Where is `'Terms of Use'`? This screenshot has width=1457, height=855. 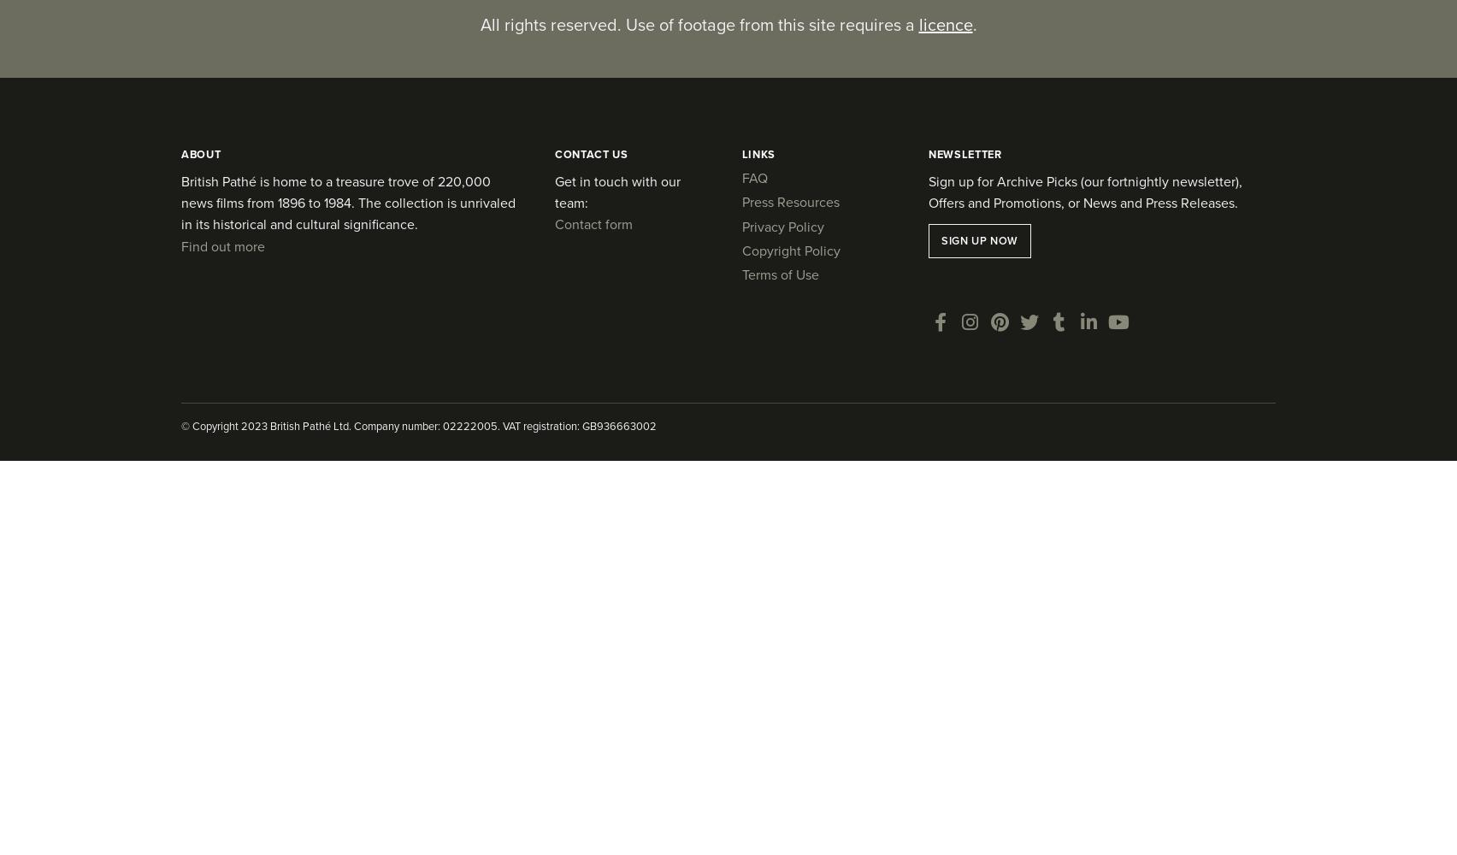 'Terms of Use' is located at coordinates (779, 274).